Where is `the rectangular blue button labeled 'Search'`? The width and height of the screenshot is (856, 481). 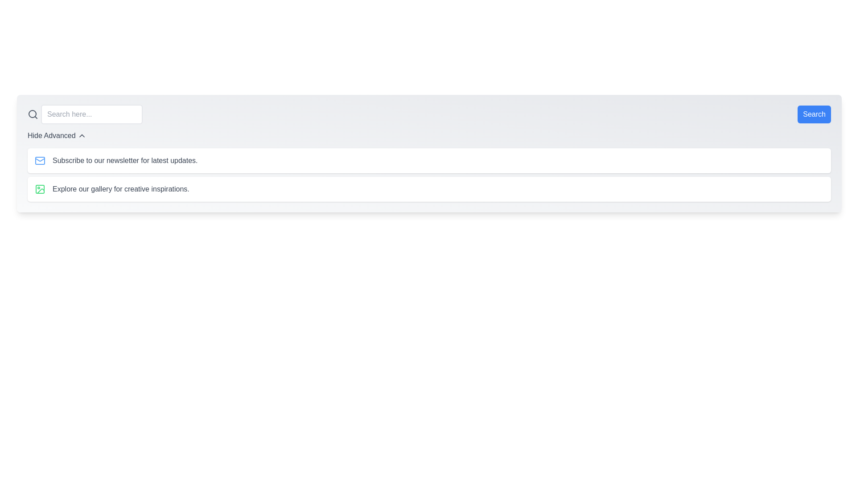 the rectangular blue button labeled 'Search' is located at coordinates (814, 114).